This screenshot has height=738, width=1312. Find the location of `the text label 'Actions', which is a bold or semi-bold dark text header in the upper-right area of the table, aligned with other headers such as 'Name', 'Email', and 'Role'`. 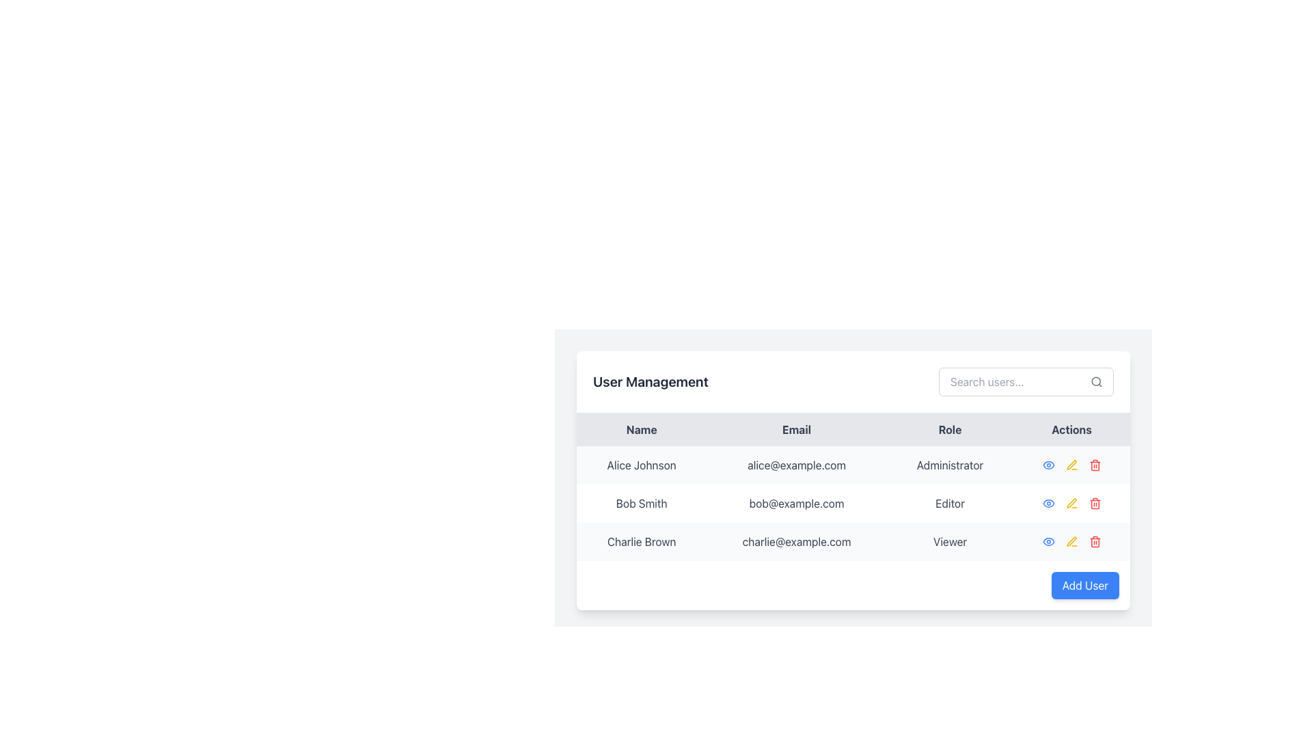

the text label 'Actions', which is a bold or semi-bold dark text header in the upper-right area of the table, aligned with other headers such as 'Name', 'Email', and 'Role' is located at coordinates (1071, 428).